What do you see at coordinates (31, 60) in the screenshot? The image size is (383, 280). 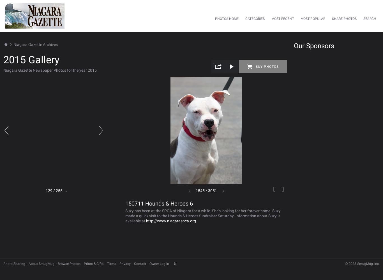 I see `'2015 Gallery'` at bounding box center [31, 60].